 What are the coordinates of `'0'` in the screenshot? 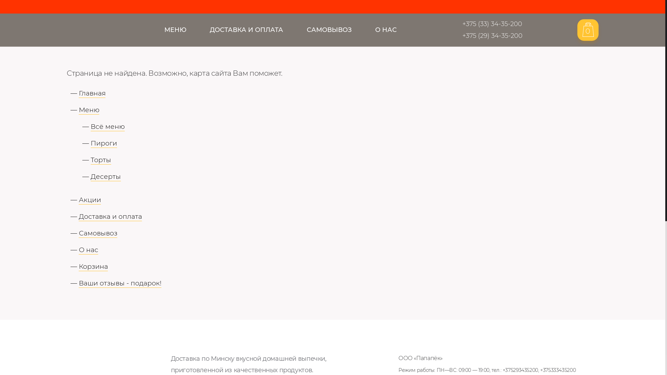 It's located at (587, 30).